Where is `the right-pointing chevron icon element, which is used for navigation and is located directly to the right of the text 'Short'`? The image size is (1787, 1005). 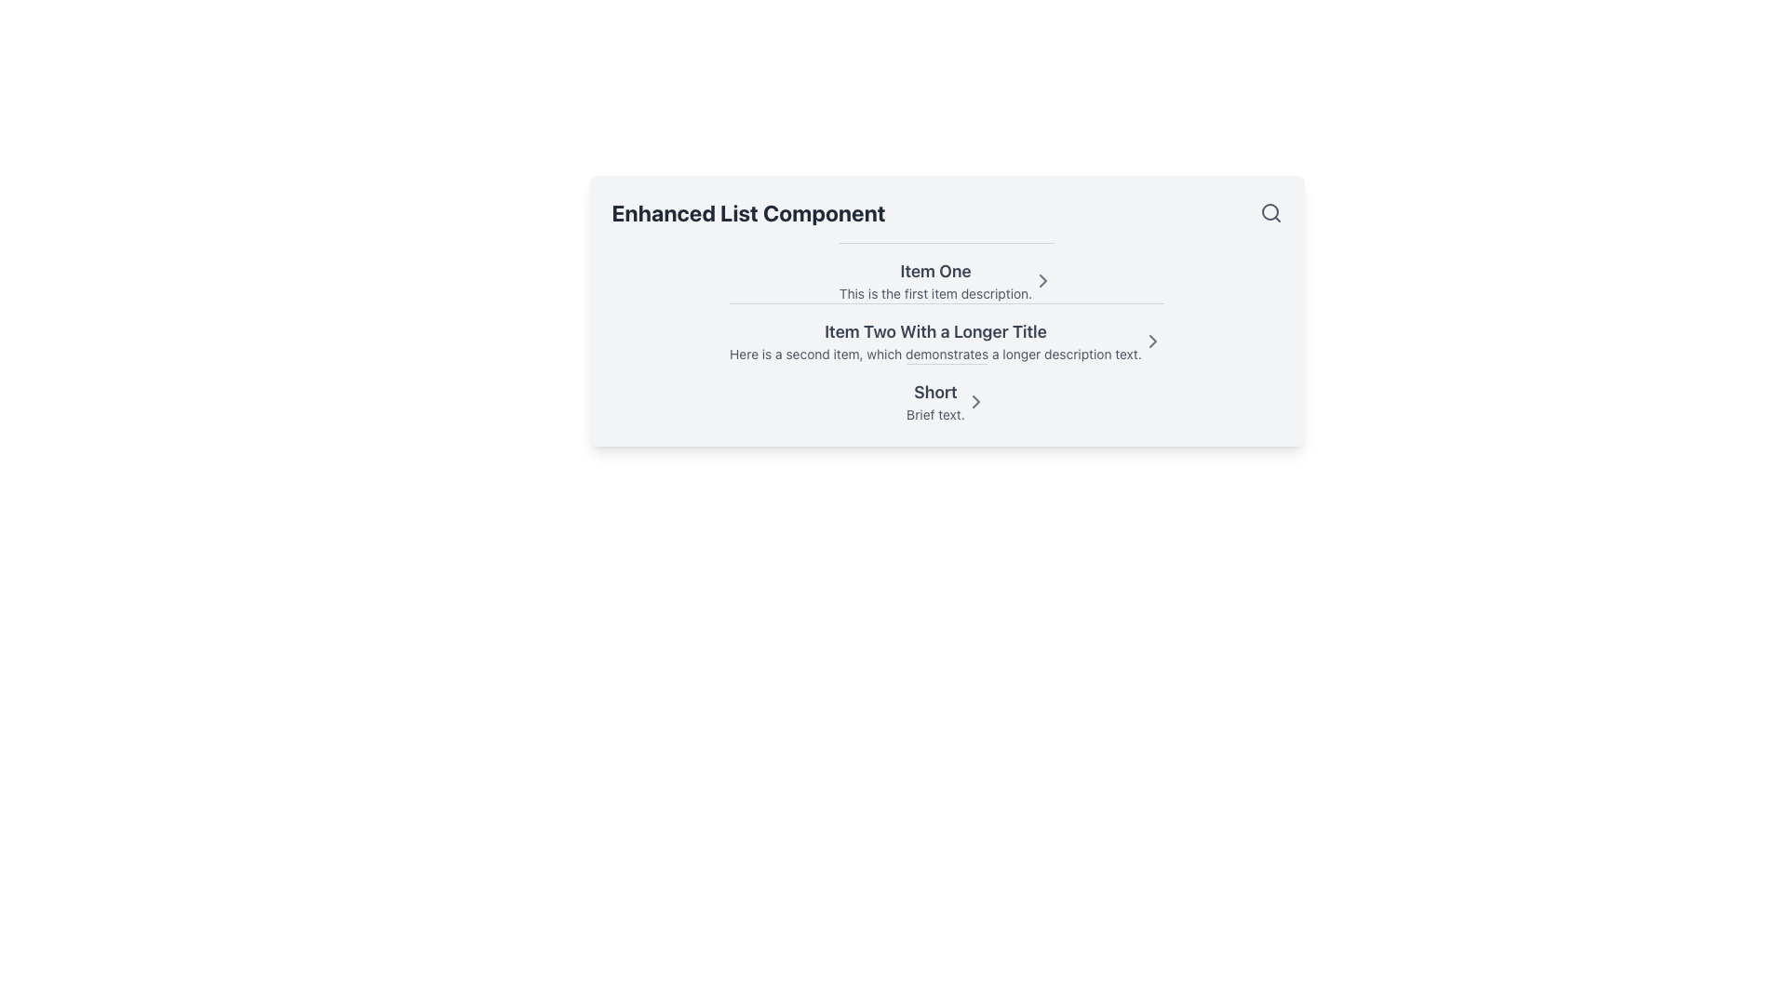 the right-pointing chevron icon element, which is used for navigation and is located directly to the right of the text 'Short' is located at coordinates (974, 401).